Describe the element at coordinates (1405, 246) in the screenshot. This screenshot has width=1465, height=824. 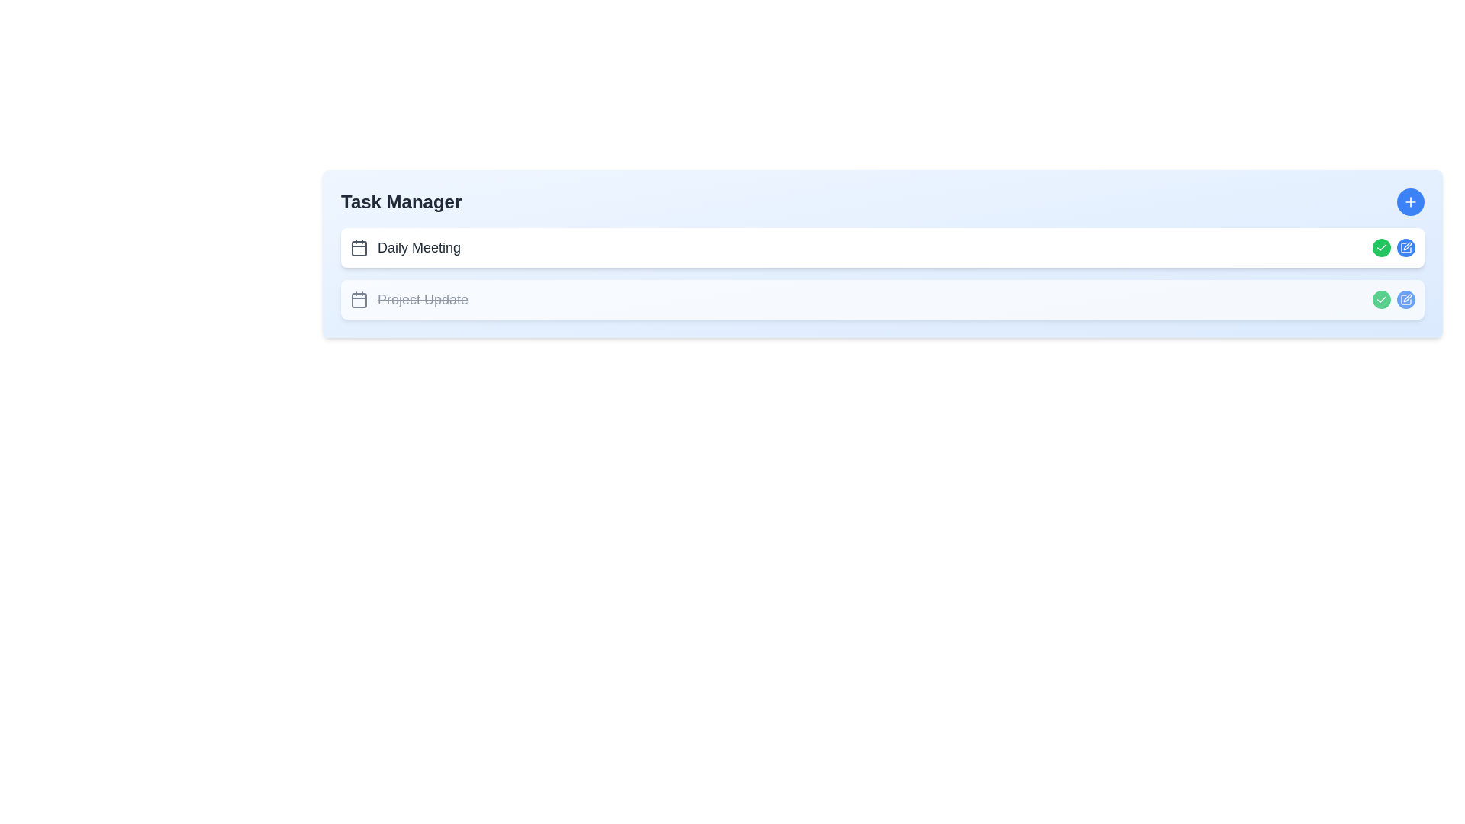
I see `the icon-based button located to the far right of the 'Daily Meeting' task entry` at that location.